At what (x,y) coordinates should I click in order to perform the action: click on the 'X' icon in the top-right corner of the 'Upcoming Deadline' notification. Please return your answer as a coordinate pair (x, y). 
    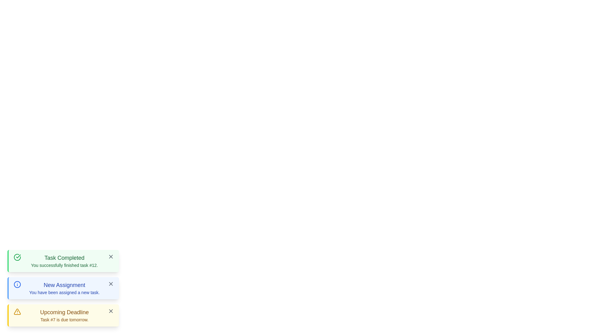
    Looking at the image, I should click on (111, 311).